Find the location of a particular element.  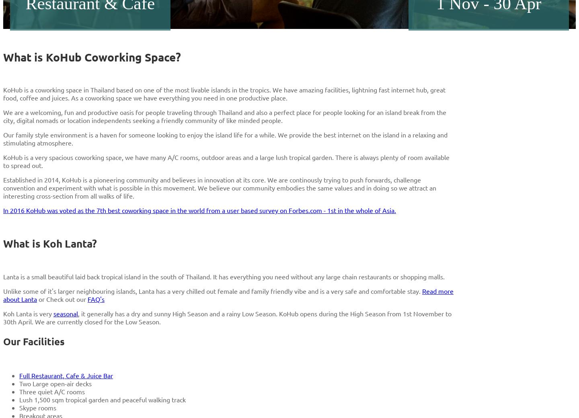

'Three quiet A/C rooms' is located at coordinates (18, 391).